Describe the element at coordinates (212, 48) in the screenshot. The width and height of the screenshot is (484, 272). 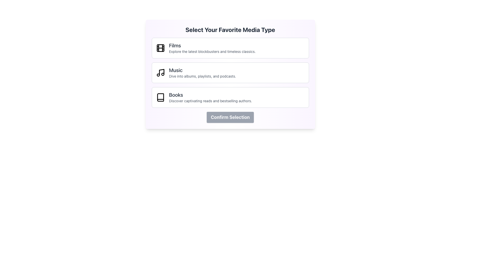
I see `details in the Text block that describes the 'Films' option in the media type selection interface, located in the first vertically arranged section on the left inside a bordered, white background card` at that location.